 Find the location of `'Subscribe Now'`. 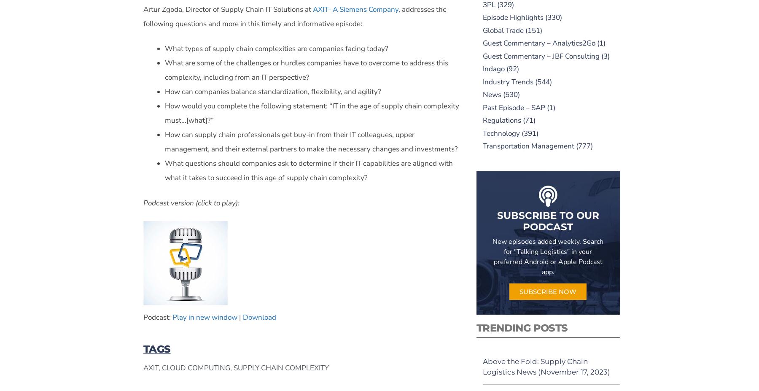

'Subscribe Now' is located at coordinates (548, 291).